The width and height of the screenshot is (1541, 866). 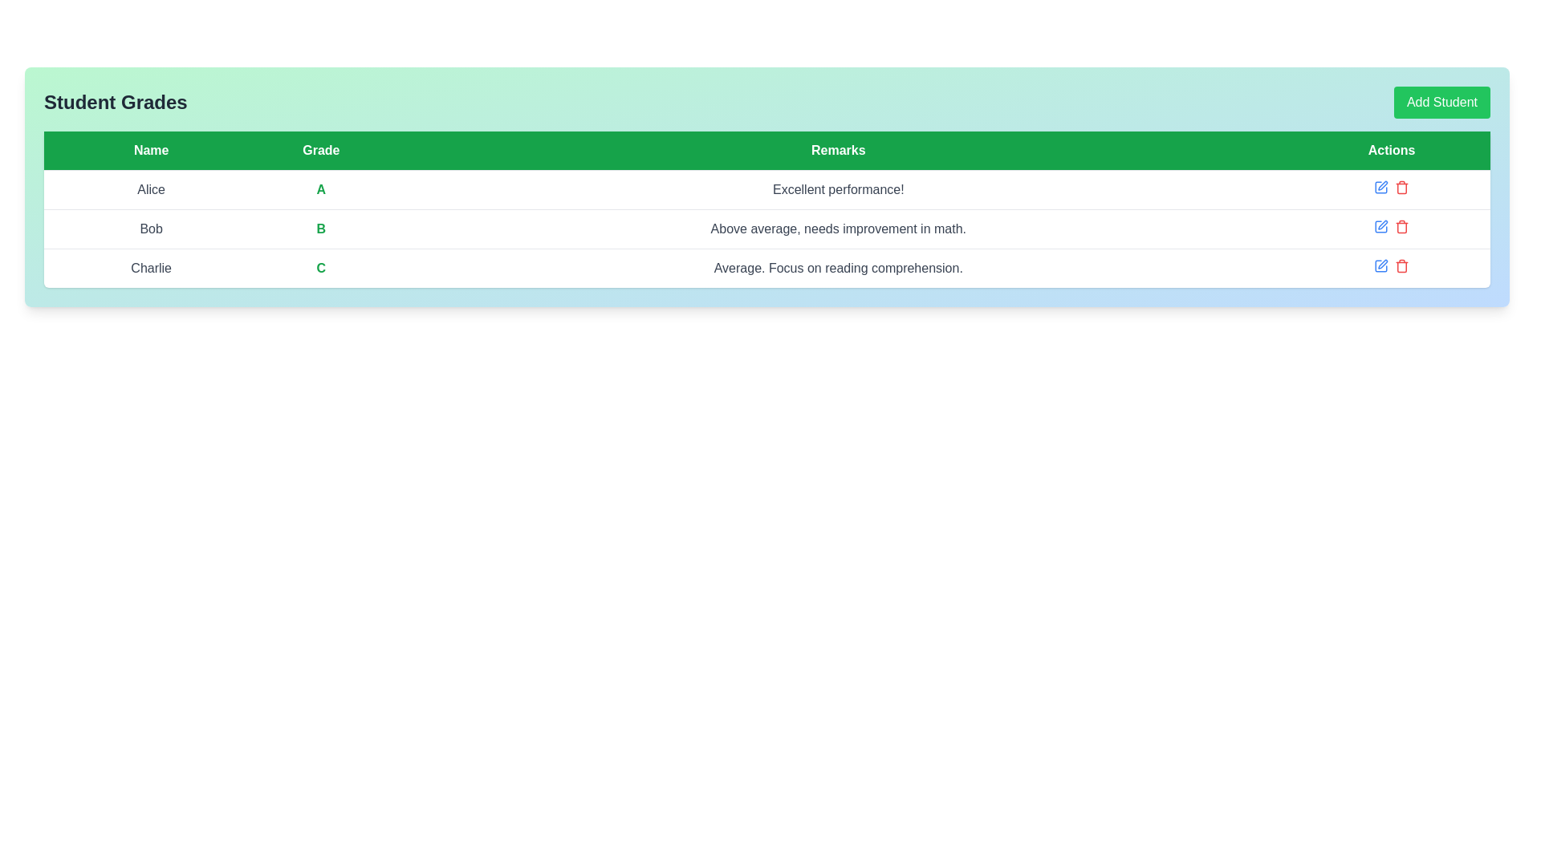 What do you see at coordinates (1382, 225) in the screenshot?
I see `the pen icon button located in the third row of the 'Actions' section` at bounding box center [1382, 225].